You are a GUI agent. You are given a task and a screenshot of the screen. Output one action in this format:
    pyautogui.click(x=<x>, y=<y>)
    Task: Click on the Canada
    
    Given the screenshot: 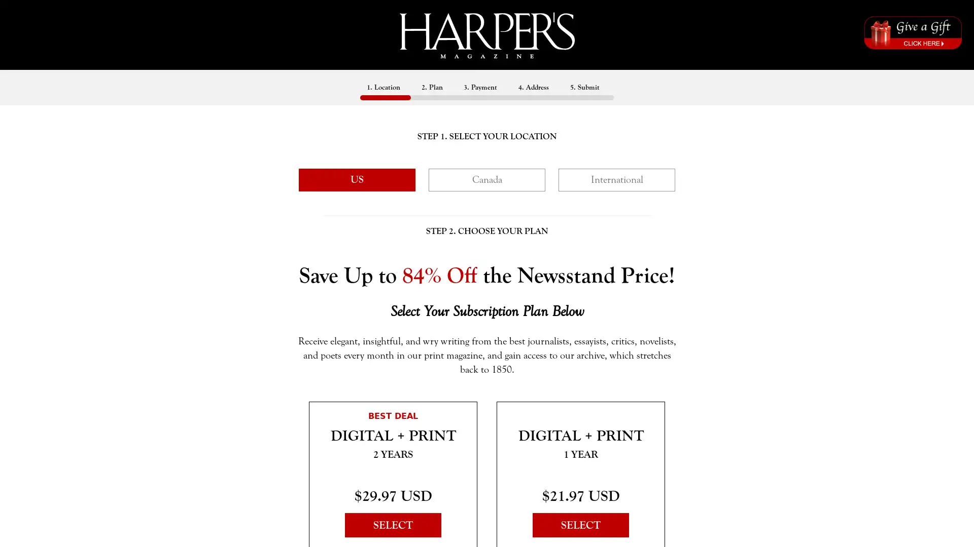 What is the action you would take?
    pyautogui.click(x=487, y=179)
    